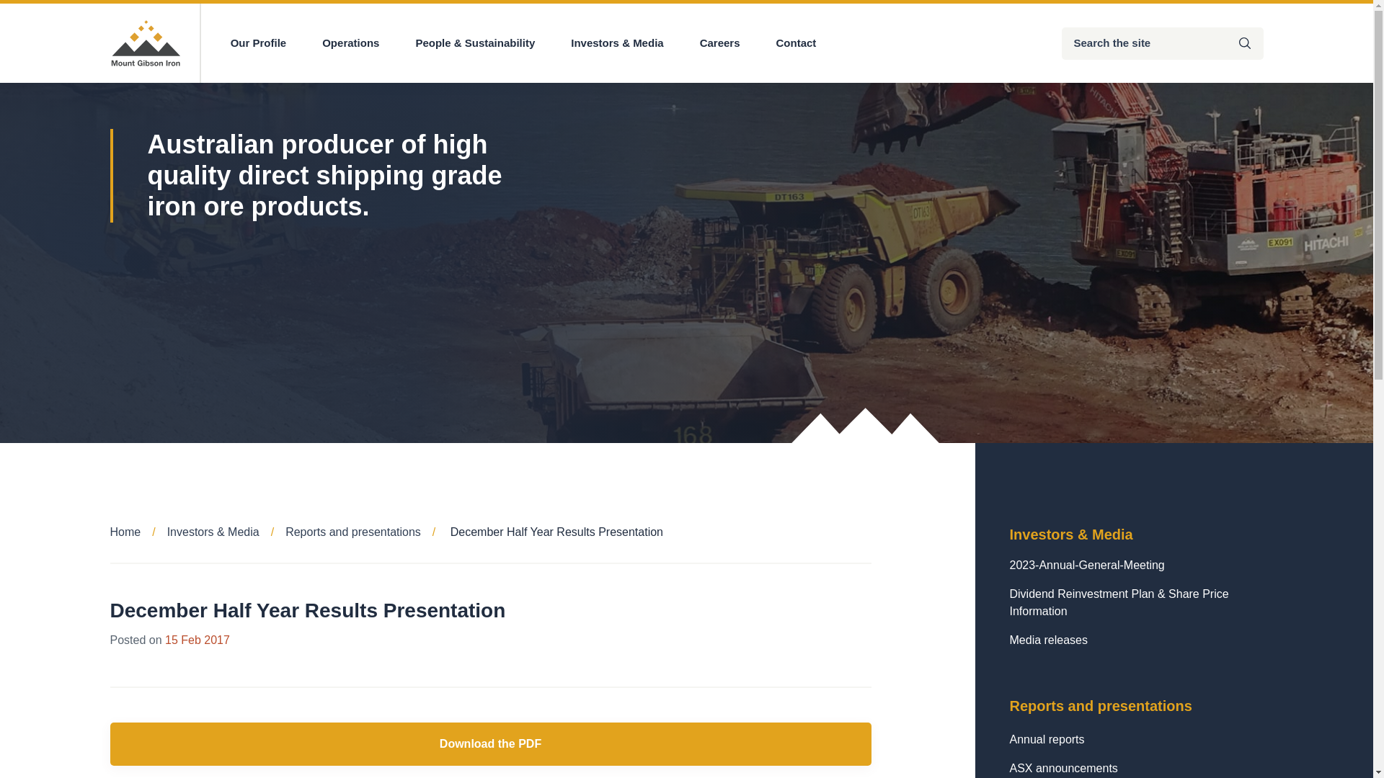 This screenshot has width=1384, height=778. Describe the element at coordinates (138, 532) in the screenshot. I see `'Home'` at that location.